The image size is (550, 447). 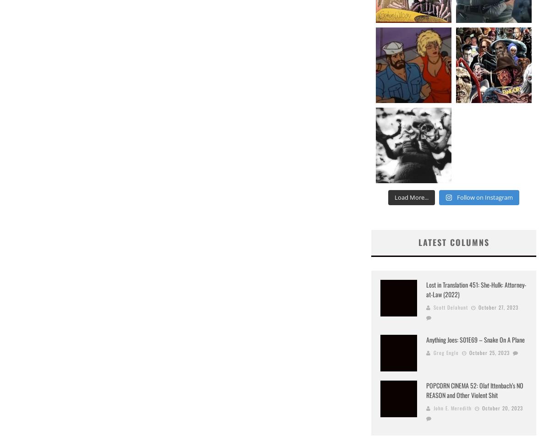 I want to click on 'John E. Meredith', so click(x=452, y=407).